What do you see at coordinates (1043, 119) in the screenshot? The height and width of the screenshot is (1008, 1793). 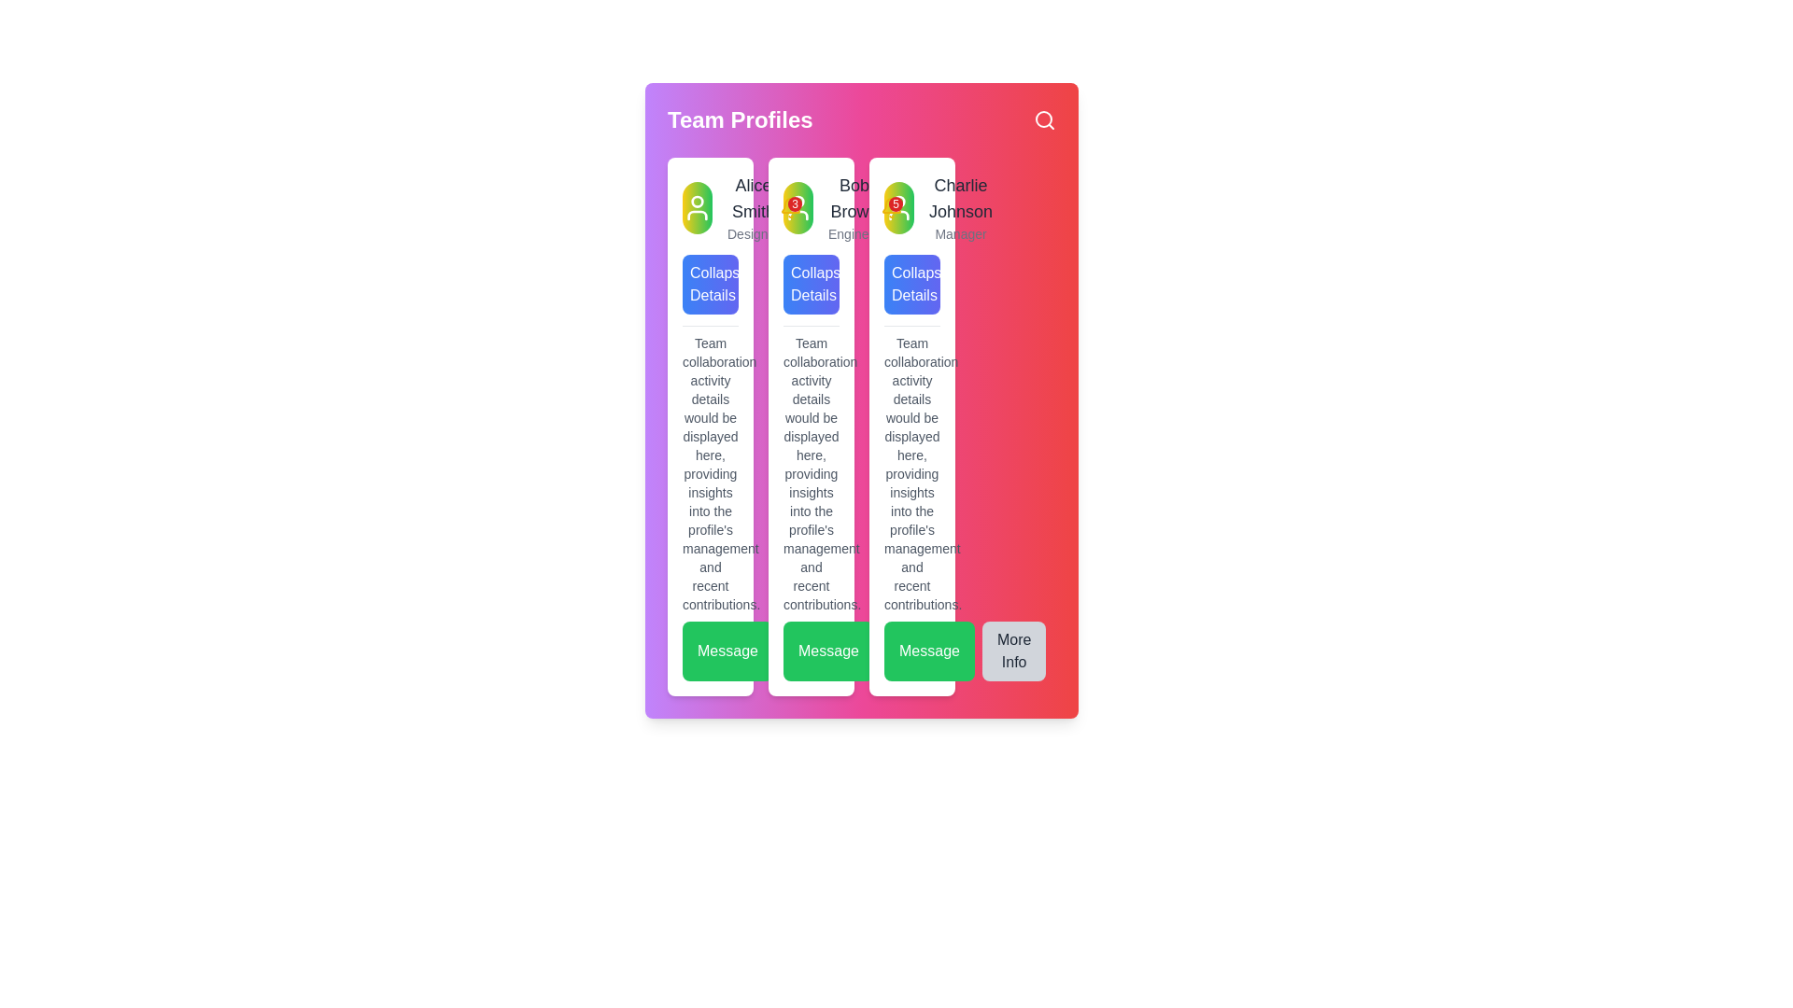 I see `the magnifying glass icon button located in the top-right corner of the interface, next` at bounding box center [1043, 119].